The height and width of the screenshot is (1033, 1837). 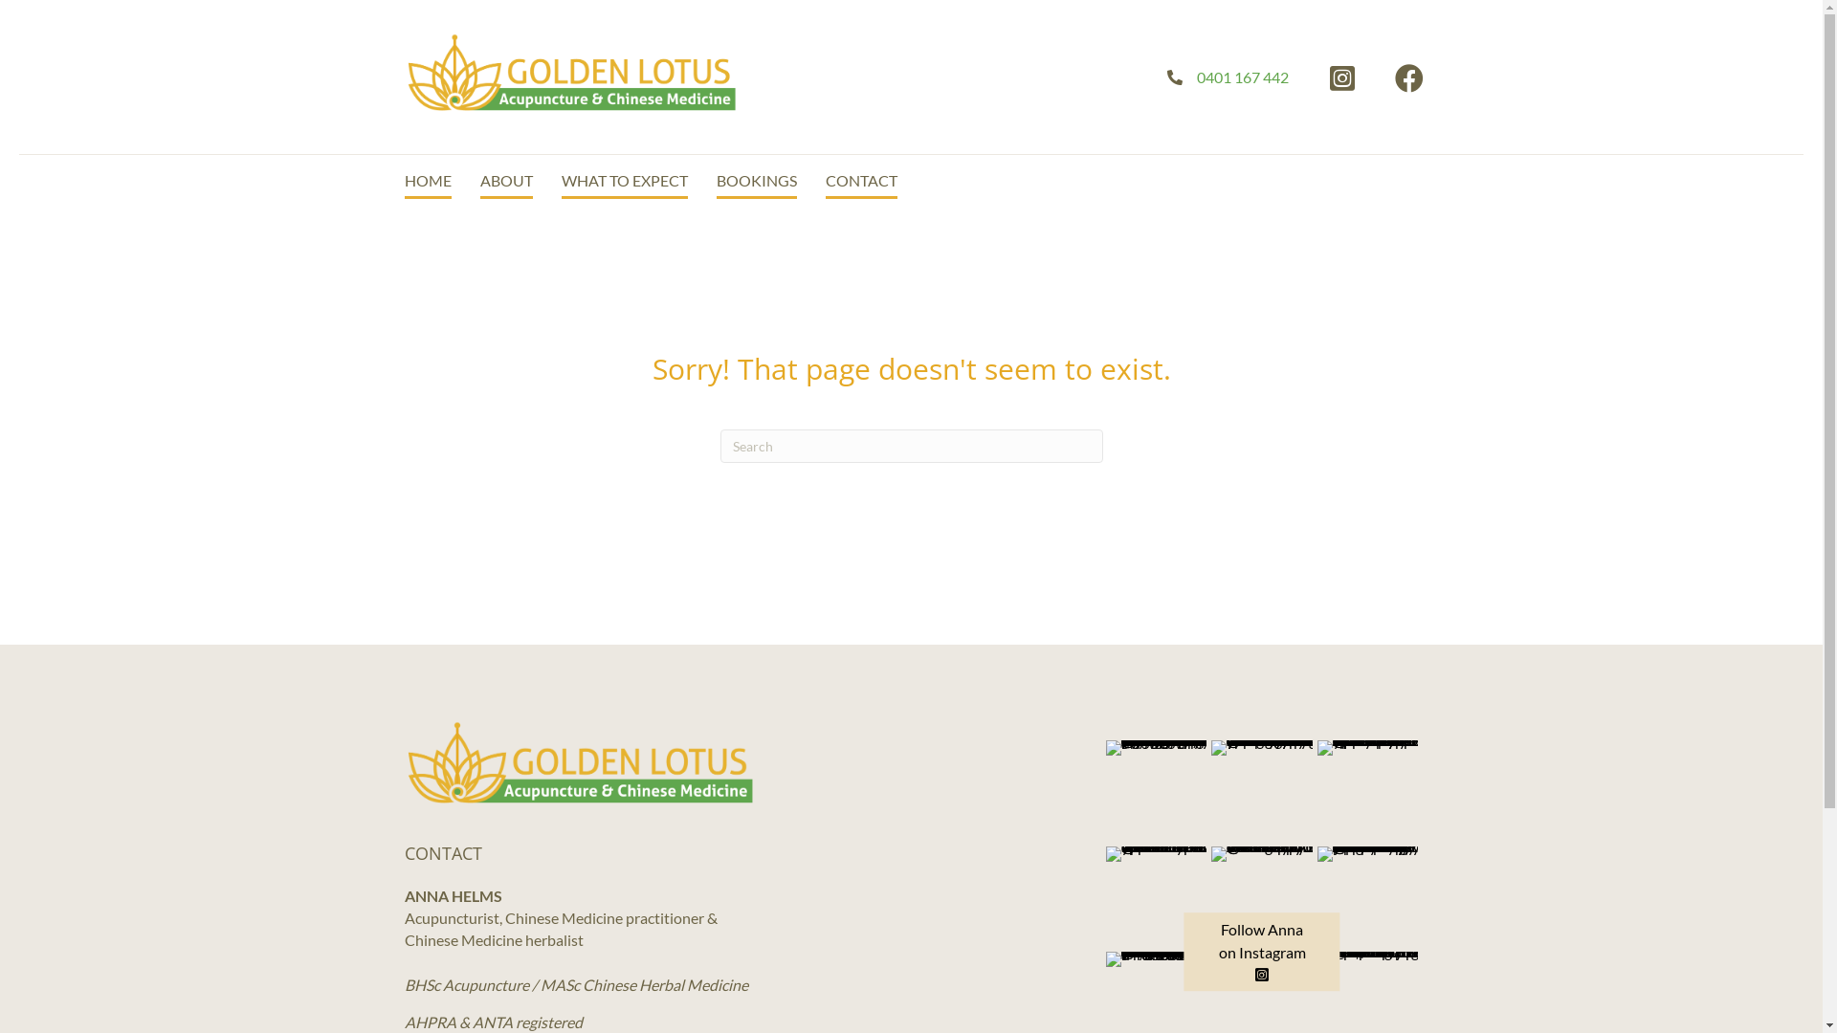 I want to click on 'CONTACT', so click(x=825, y=181).